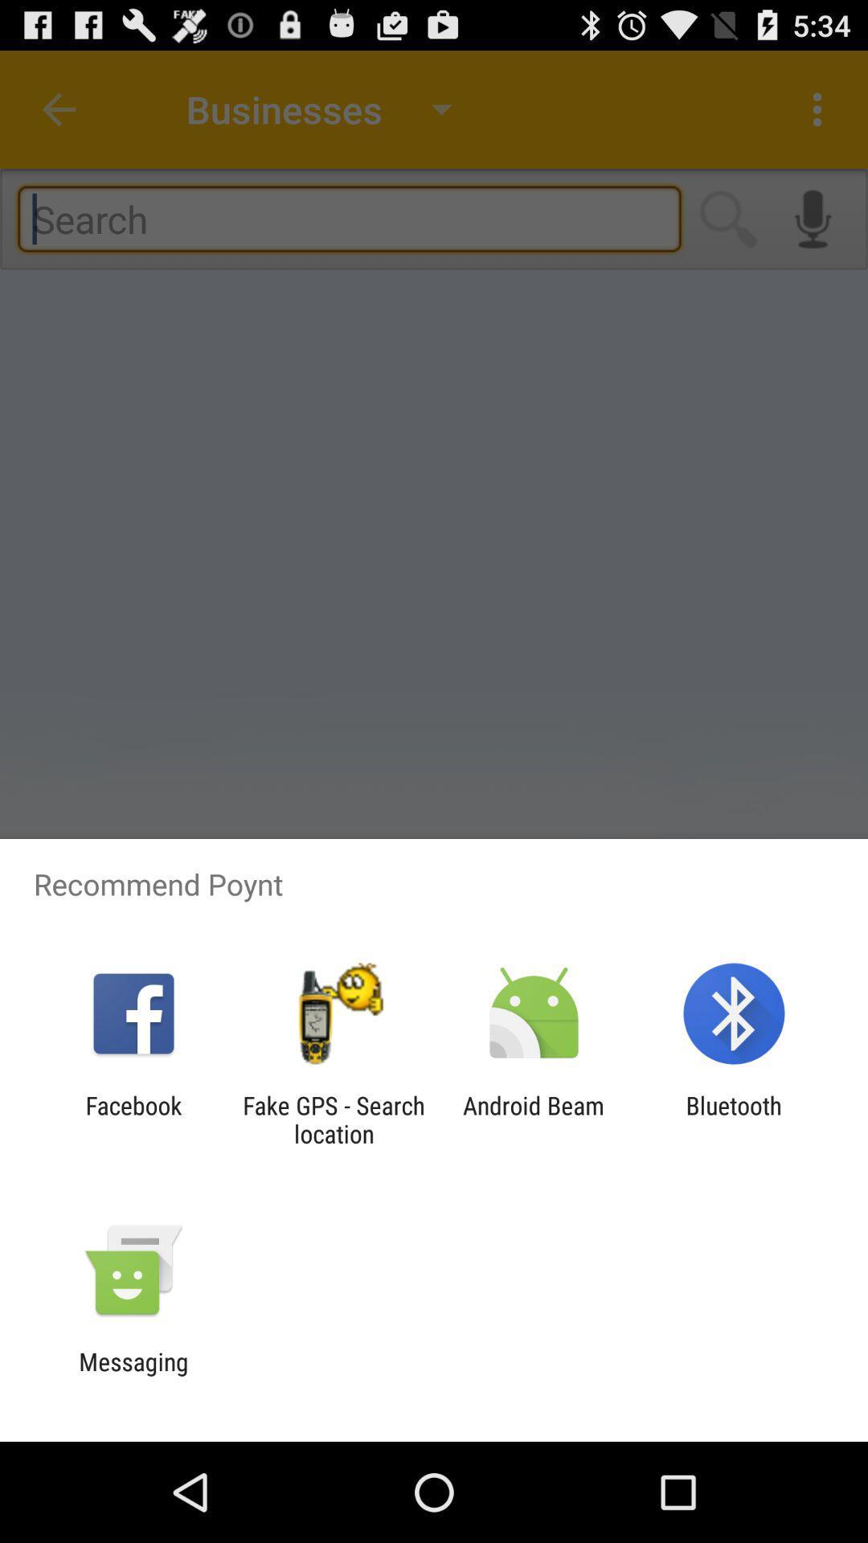 The height and width of the screenshot is (1543, 868). I want to click on the bluetooth item, so click(734, 1119).